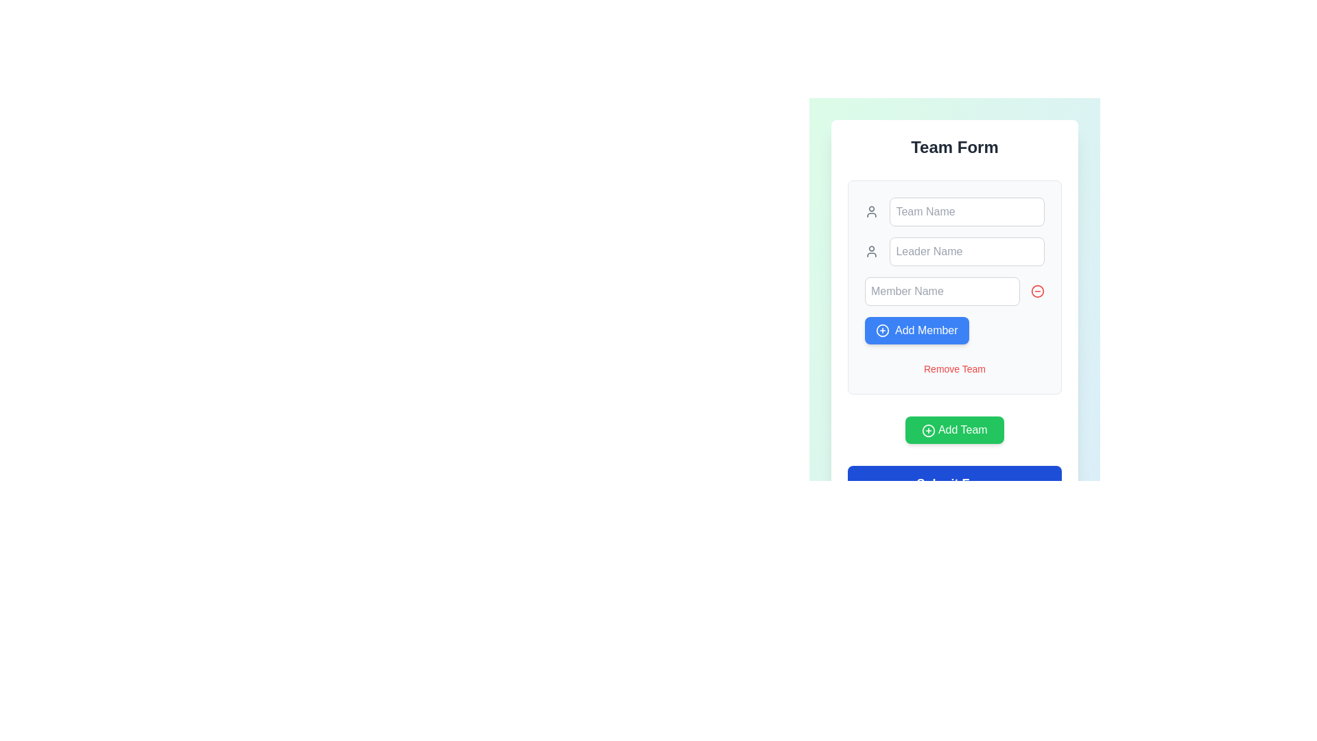 This screenshot has height=741, width=1317. What do you see at coordinates (871, 251) in the screenshot?
I see `the Icon that indicates the purpose of the 'Leader Name' input field, located to the left of the text input field in the form` at bounding box center [871, 251].